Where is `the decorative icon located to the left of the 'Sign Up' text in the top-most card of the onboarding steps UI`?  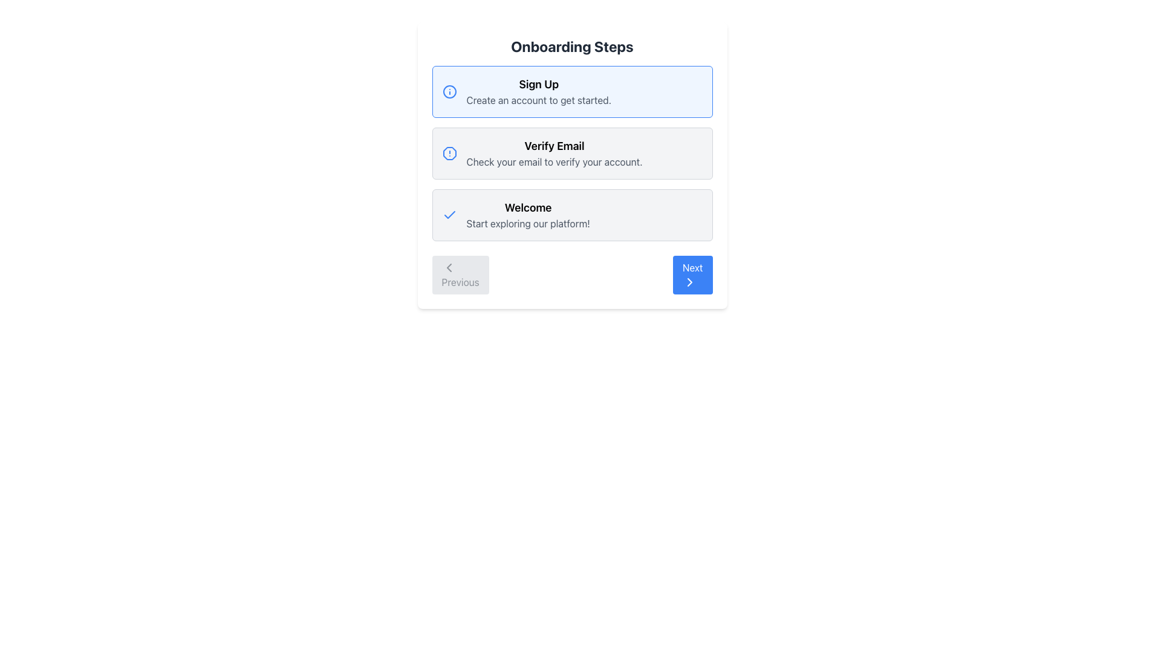
the decorative icon located to the left of the 'Sign Up' text in the top-most card of the onboarding steps UI is located at coordinates (449, 91).